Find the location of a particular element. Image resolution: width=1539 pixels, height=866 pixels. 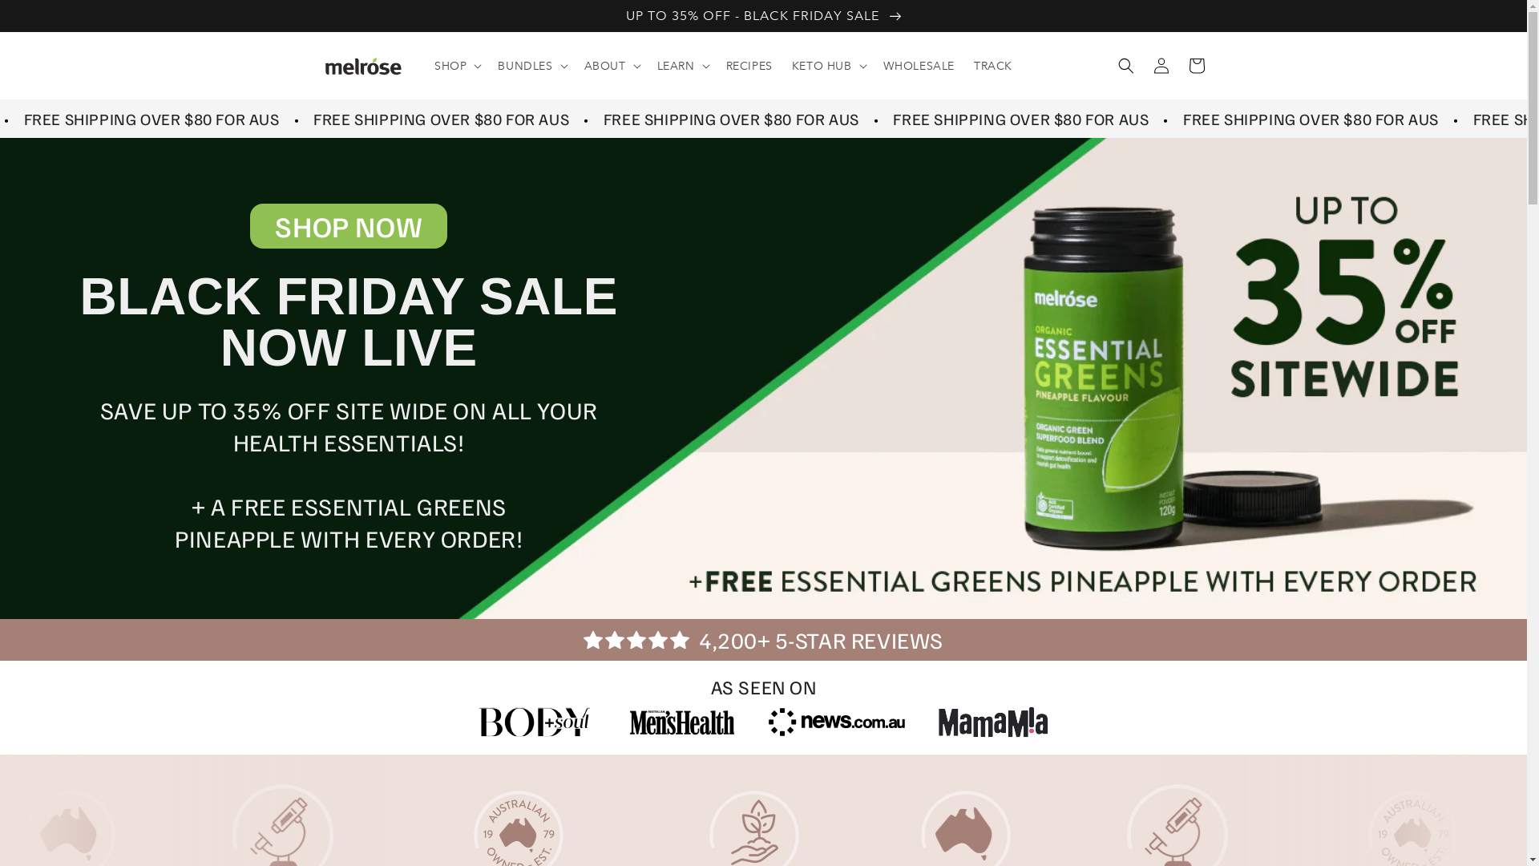

'RECIPES' is located at coordinates (715, 64).